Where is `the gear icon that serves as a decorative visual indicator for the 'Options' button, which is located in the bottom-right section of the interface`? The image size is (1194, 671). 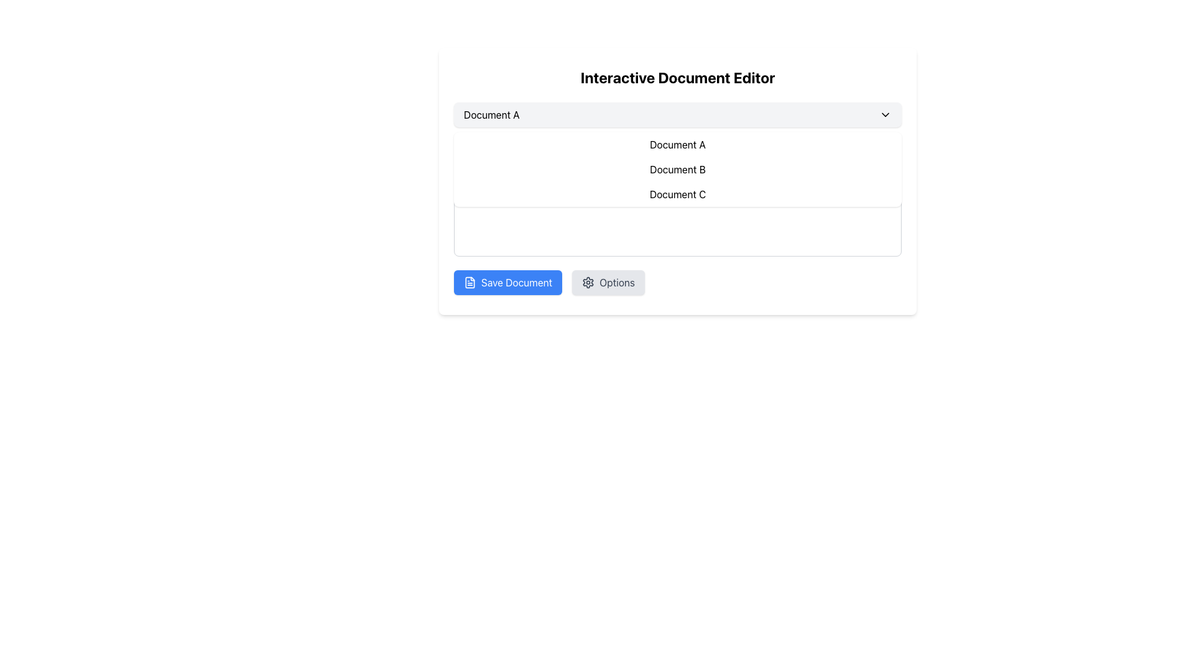
the gear icon that serves as a decorative visual indicator for the 'Options' button, which is located in the bottom-right section of the interface is located at coordinates (588, 283).